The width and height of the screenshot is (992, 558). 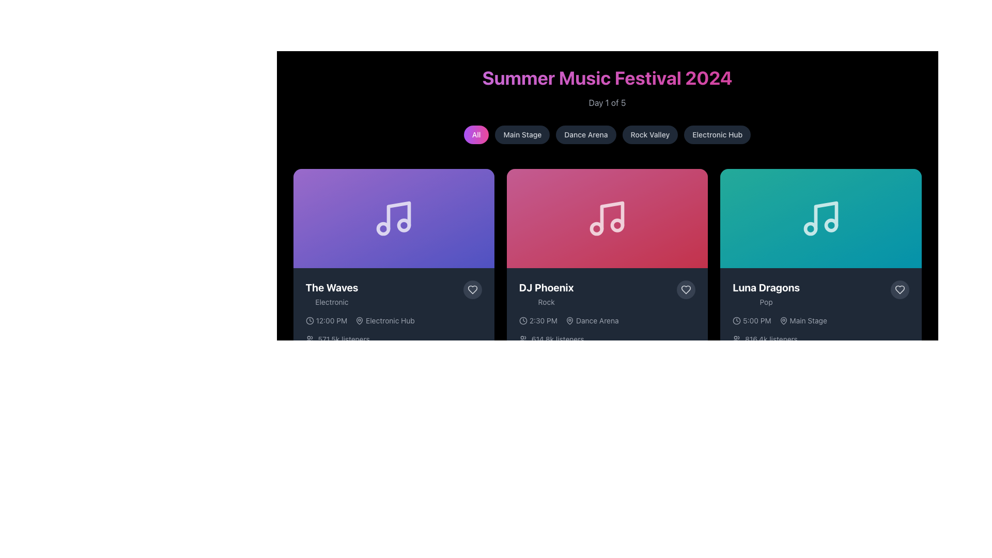 What do you see at coordinates (607, 134) in the screenshot?
I see `the 'Dance Arena' button, which is a rounded button with a dark background and gray text, located below the 'Summer Music Festival 2024' banner` at bounding box center [607, 134].